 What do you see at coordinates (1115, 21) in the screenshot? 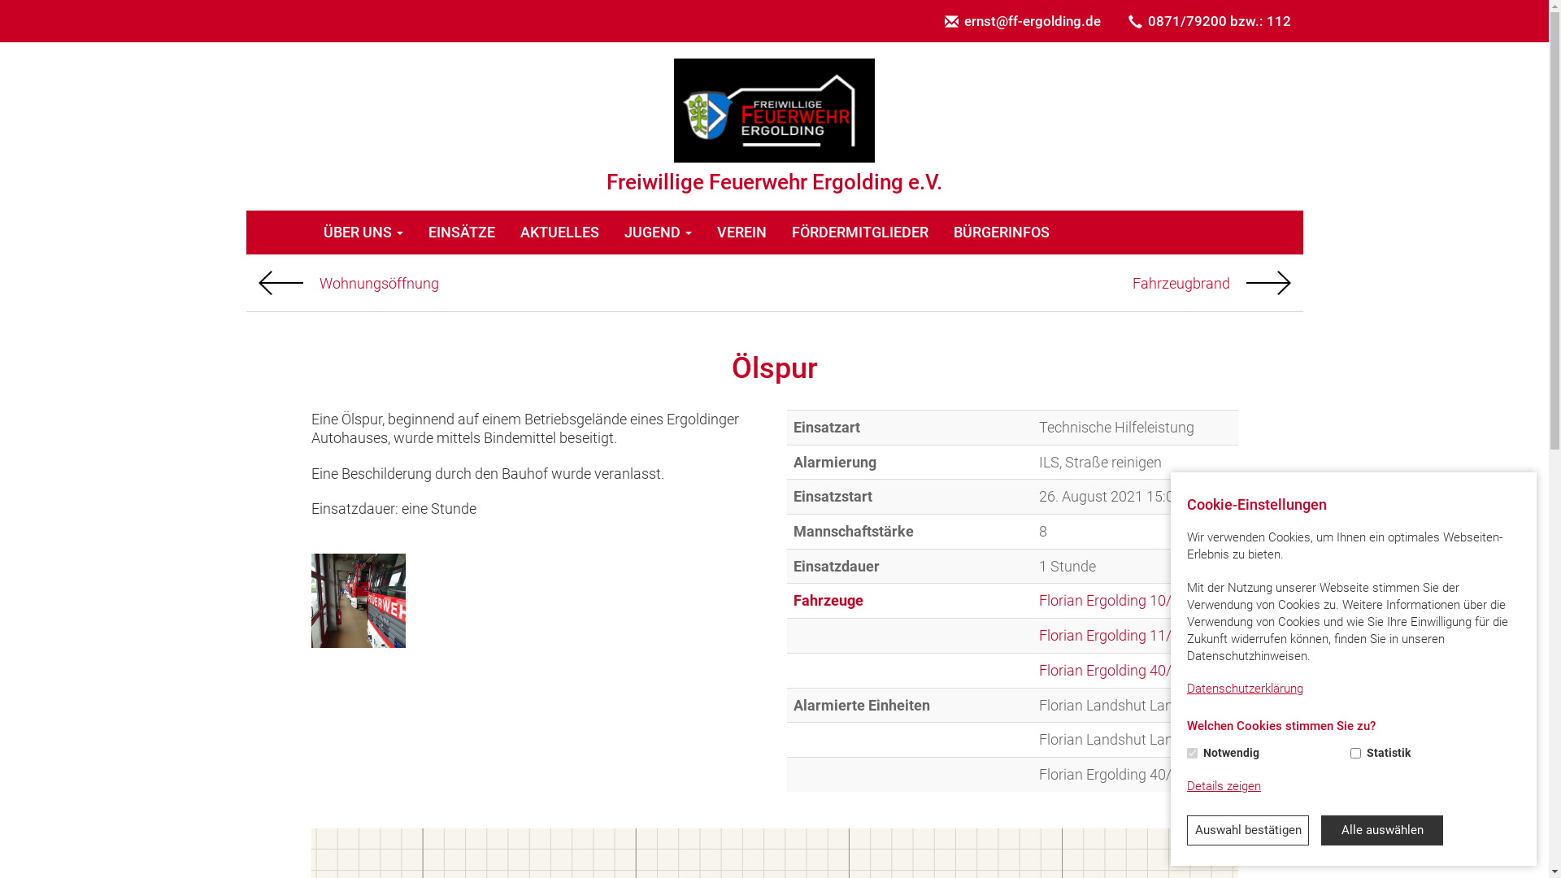
I see `'0871/79200 bzw.: 112'` at bounding box center [1115, 21].